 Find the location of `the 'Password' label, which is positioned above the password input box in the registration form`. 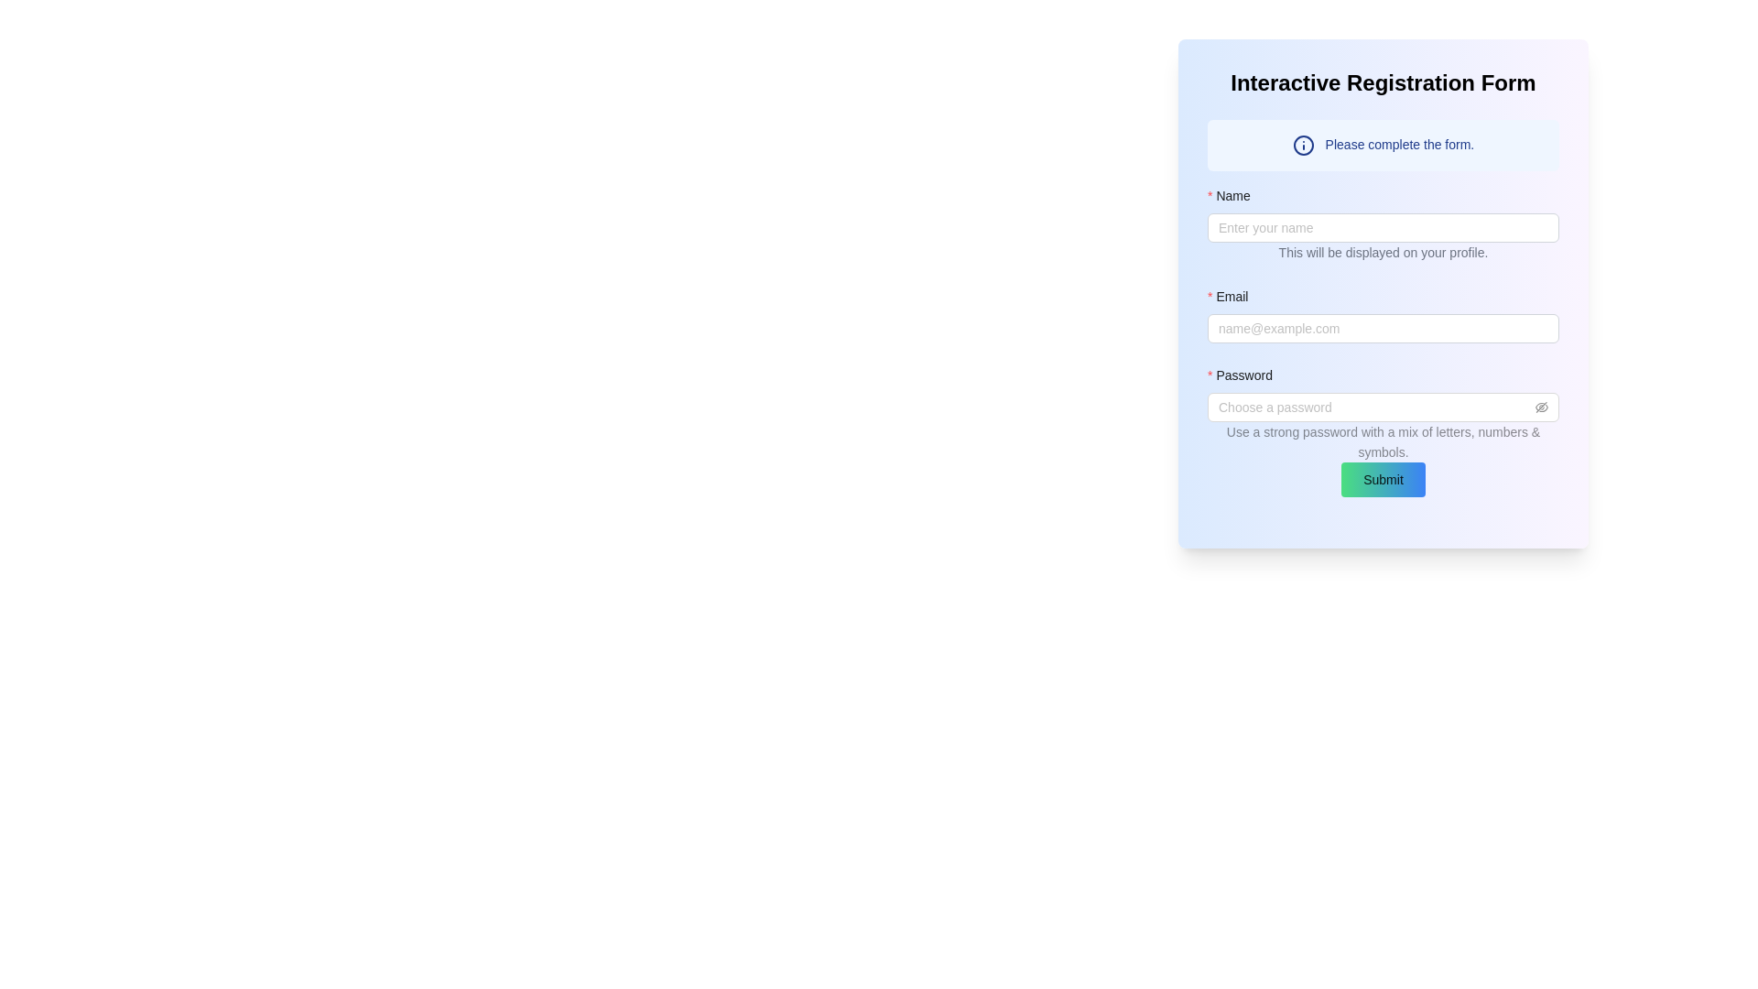

the 'Password' label, which is positioned above the password input box in the registration form is located at coordinates (1245, 375).